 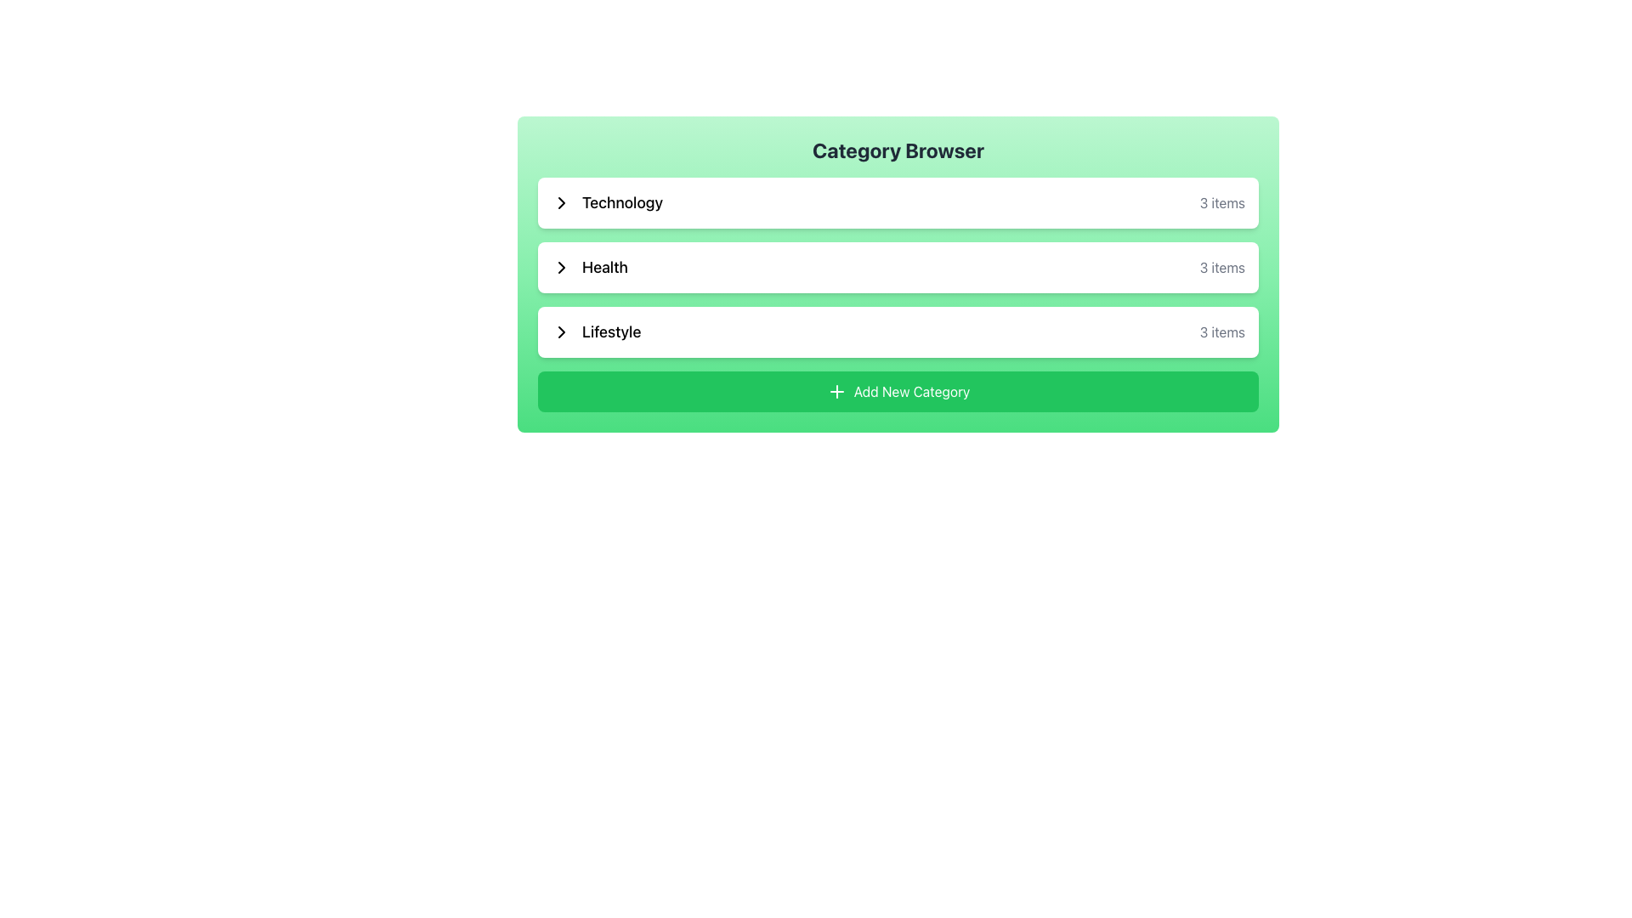 What do you see at coordinates (1221, 331) in the screenshot?
I see `the static text label displaying the count of items in the 'Lifestyle' category, located at the right side of the 'Lifestyle' row in the Category Browser interface` at bounding box center [1221, 331].